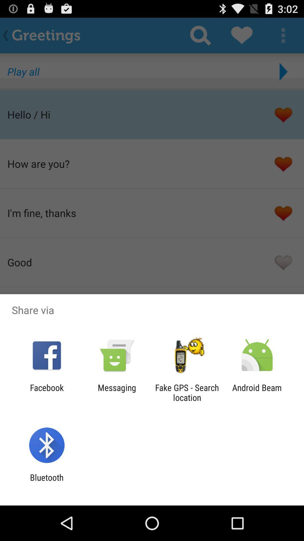  What do you see at coordinates (117, 392) in the screenshot?
I see `messaging app` at bounding box center [117, 392].